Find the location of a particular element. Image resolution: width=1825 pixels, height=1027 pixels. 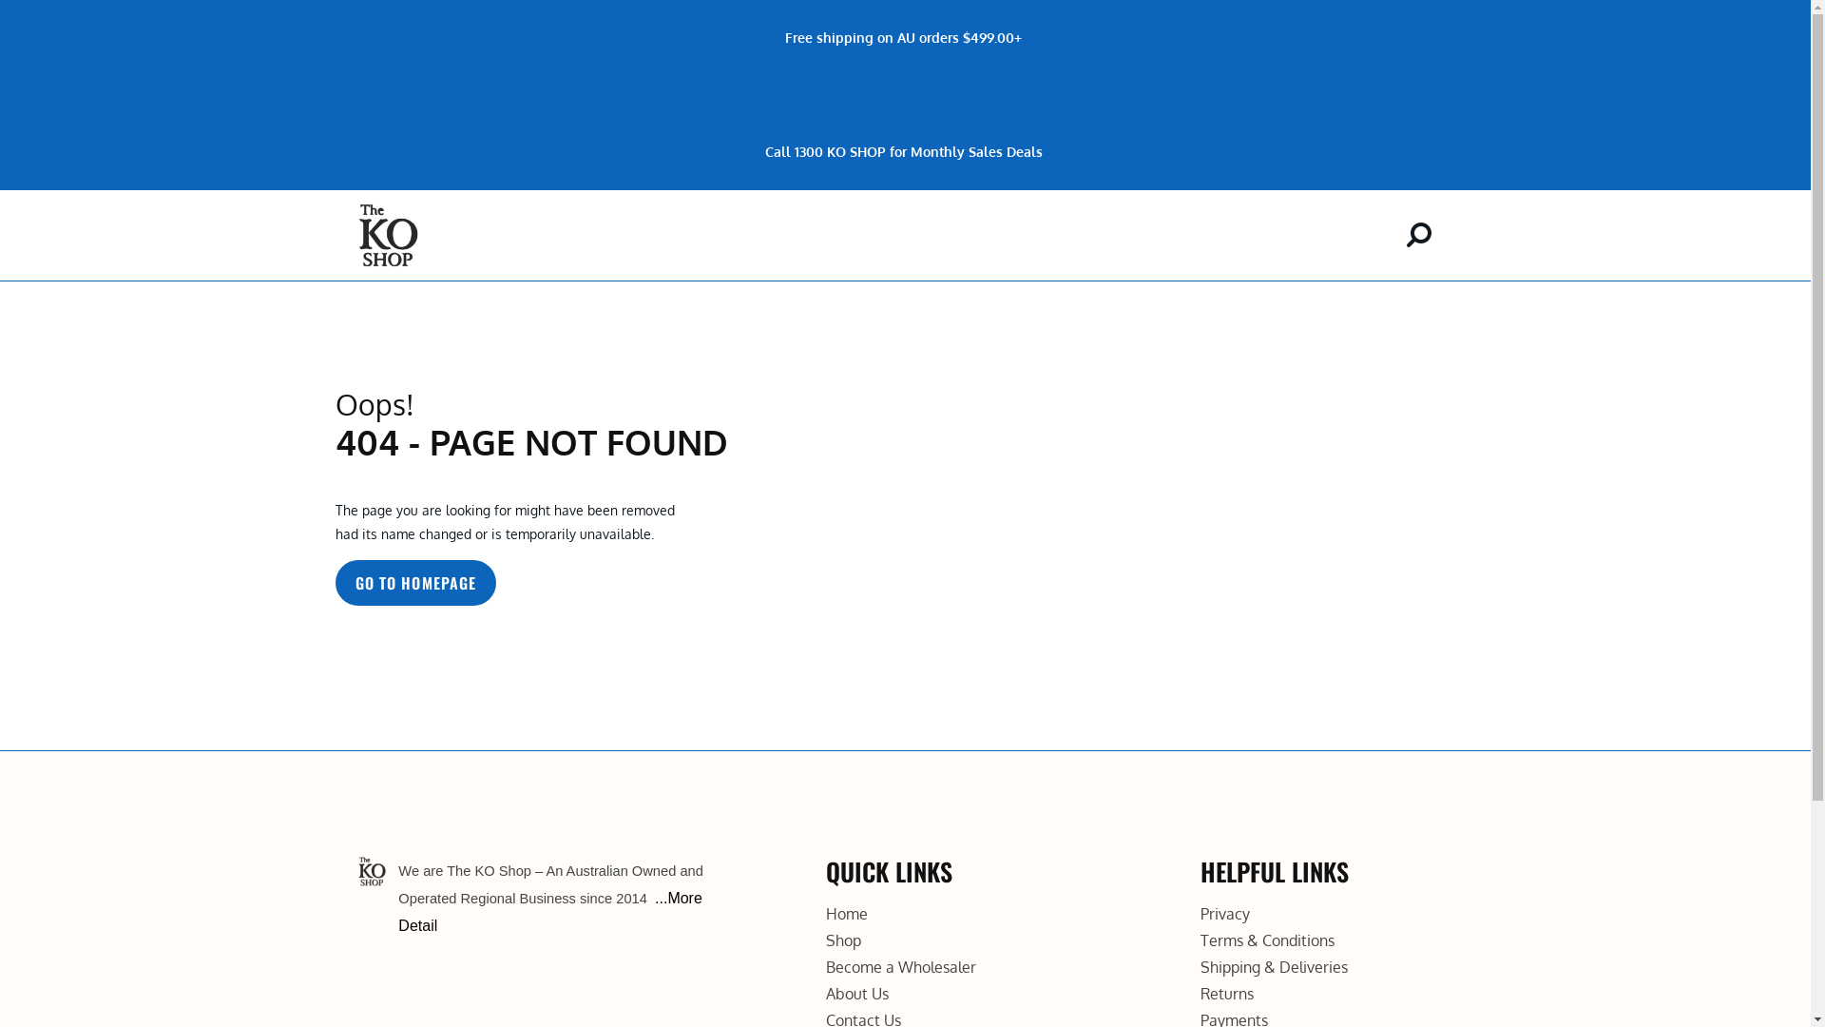

'Home' is located at coordinates (846, 912).